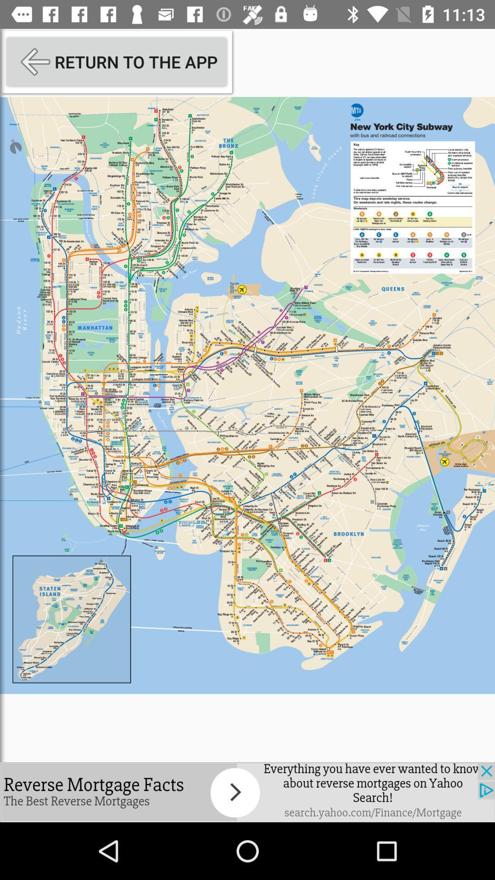 Image resolution: width=495 pixels, height=880 pixels. I want to click on open advertisement, so click(247, 792).